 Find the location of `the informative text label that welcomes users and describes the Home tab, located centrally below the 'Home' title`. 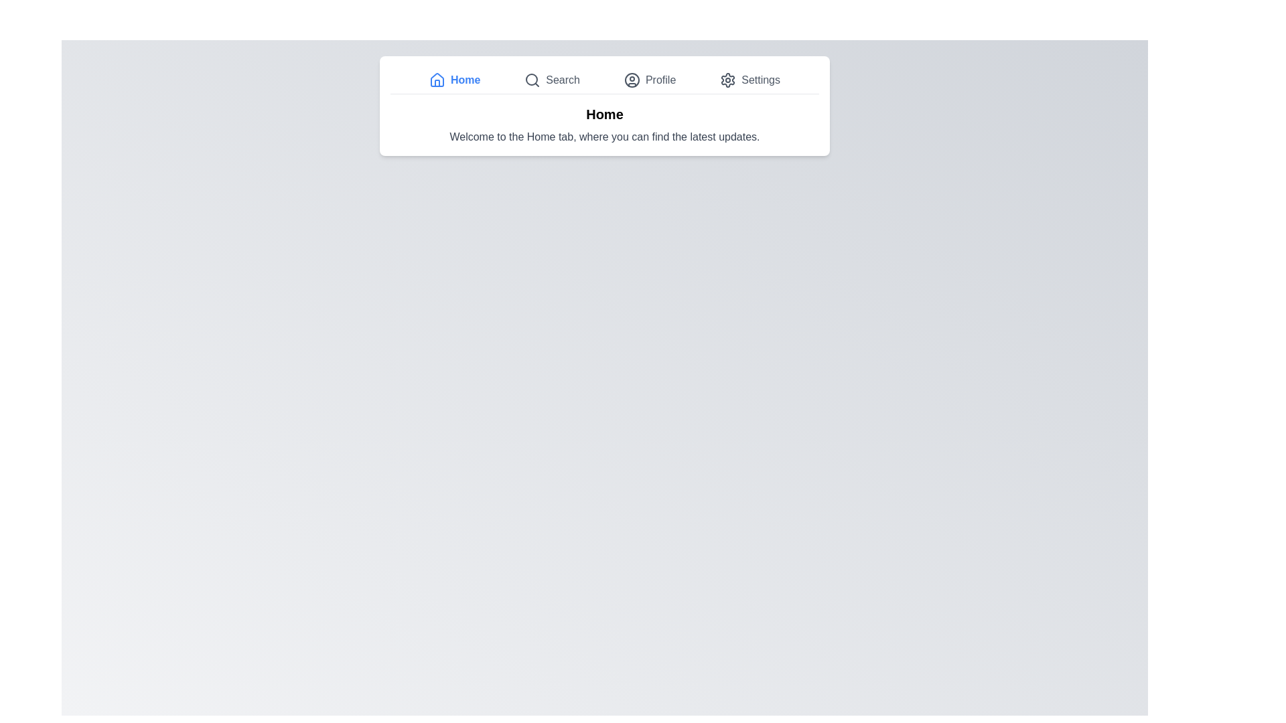

the informative text label that welcomes users and describes the Home tab, located centrally below the 'Home' title is located at coordinates (603, 137).